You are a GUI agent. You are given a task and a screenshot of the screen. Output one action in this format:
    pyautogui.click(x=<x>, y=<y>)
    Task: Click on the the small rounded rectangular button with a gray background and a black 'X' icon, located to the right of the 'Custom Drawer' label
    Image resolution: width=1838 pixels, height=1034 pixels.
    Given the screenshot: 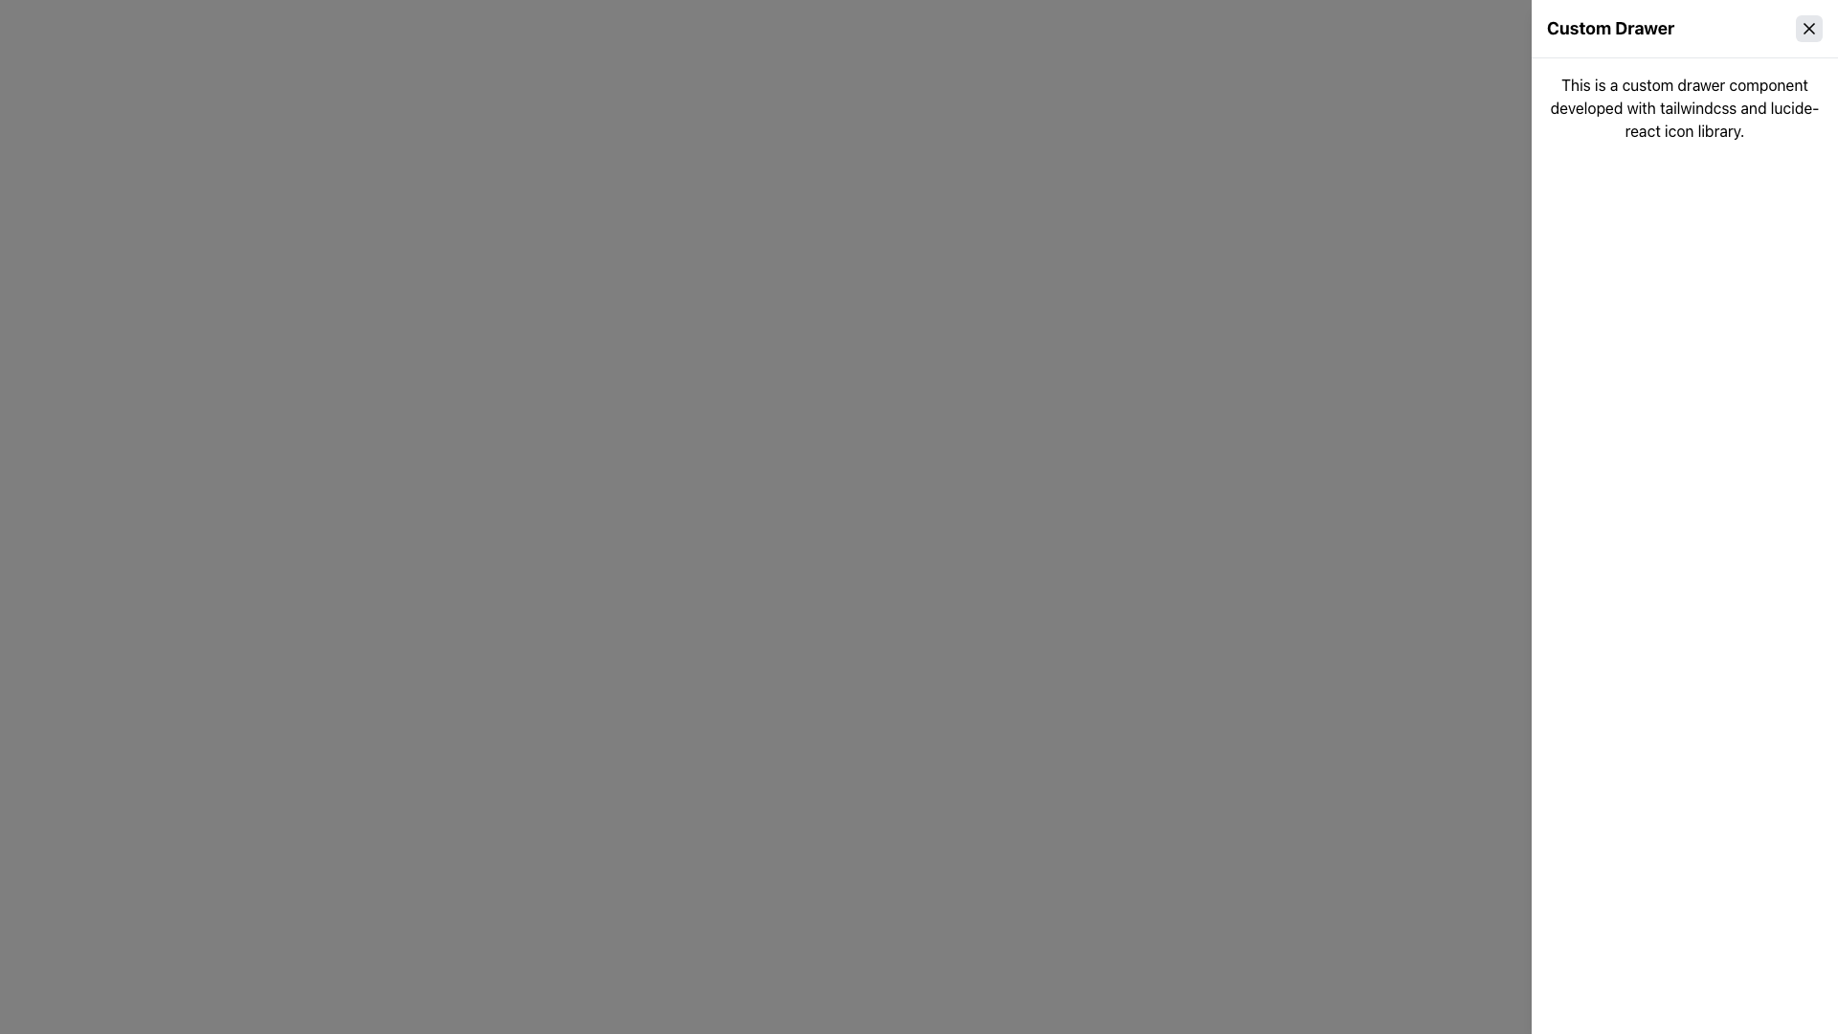 What is the action you would take?
    pyautogui.click(x=1808, y=29)
    